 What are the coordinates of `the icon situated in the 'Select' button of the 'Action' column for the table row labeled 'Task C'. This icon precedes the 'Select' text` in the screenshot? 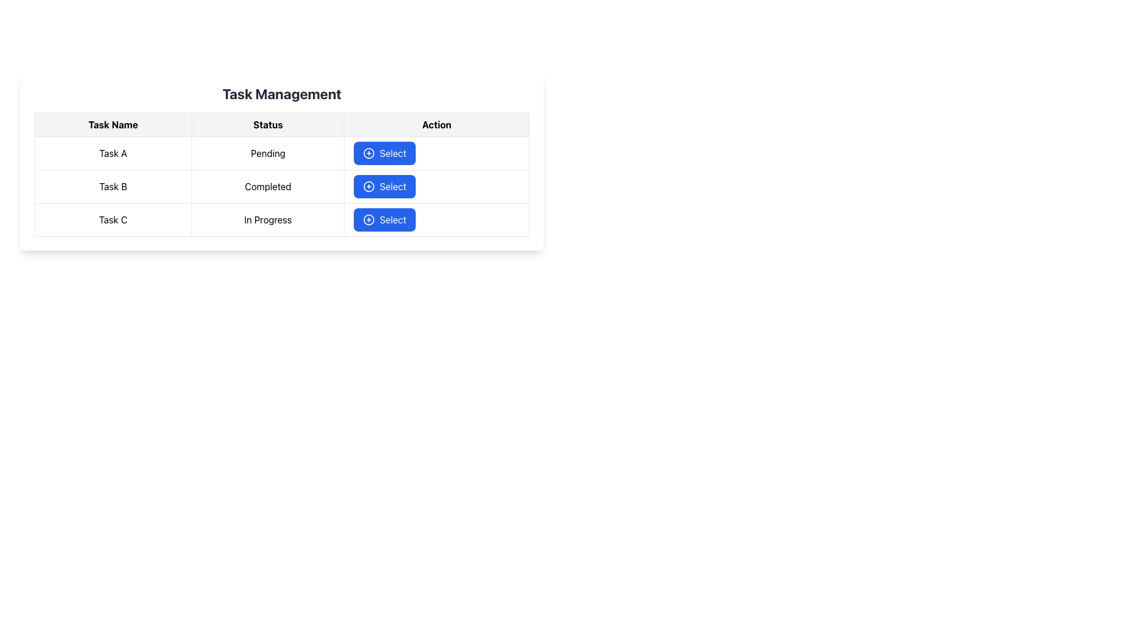 It's located at (368, 220).